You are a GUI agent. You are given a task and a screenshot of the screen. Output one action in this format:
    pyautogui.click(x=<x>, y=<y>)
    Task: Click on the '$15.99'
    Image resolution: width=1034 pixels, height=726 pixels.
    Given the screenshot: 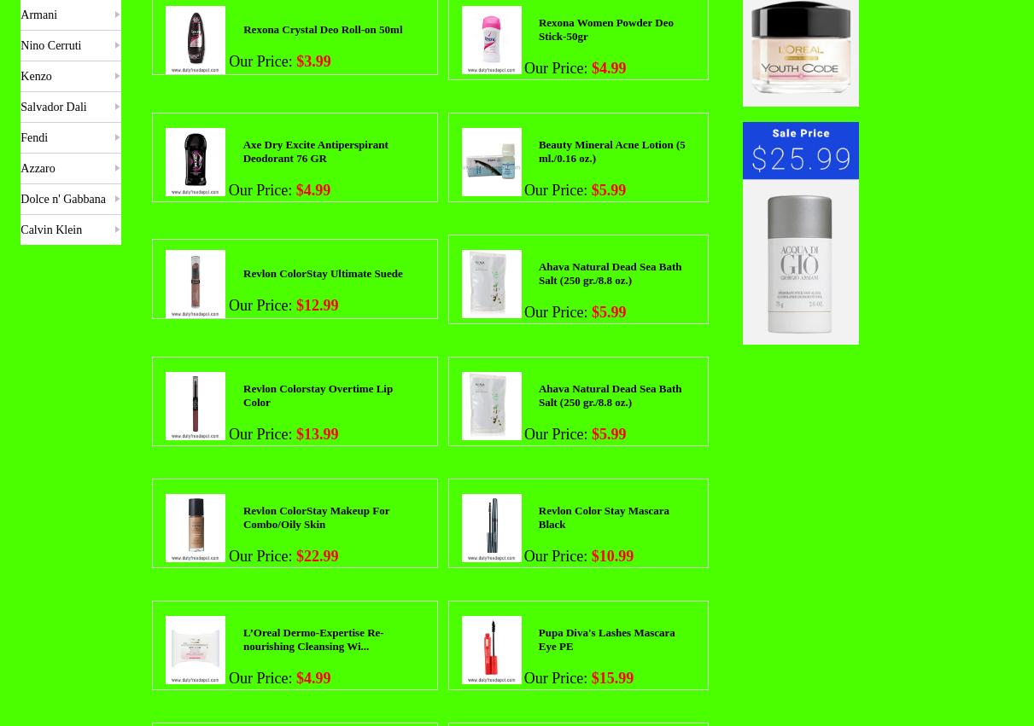 What is the action you would take?
    pyautogui.click(x=611, y=676)
    